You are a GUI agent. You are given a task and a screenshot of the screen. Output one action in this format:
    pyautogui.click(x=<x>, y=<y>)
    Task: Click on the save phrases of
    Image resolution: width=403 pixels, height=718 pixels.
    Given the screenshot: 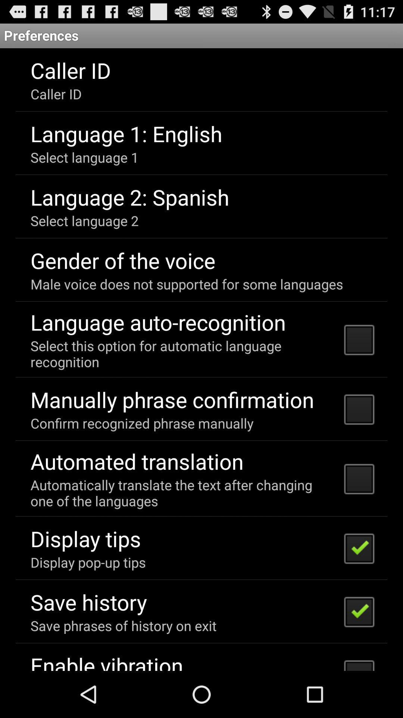 What is the action you would take?
    pyautogui.click(x=123, y=626)
    